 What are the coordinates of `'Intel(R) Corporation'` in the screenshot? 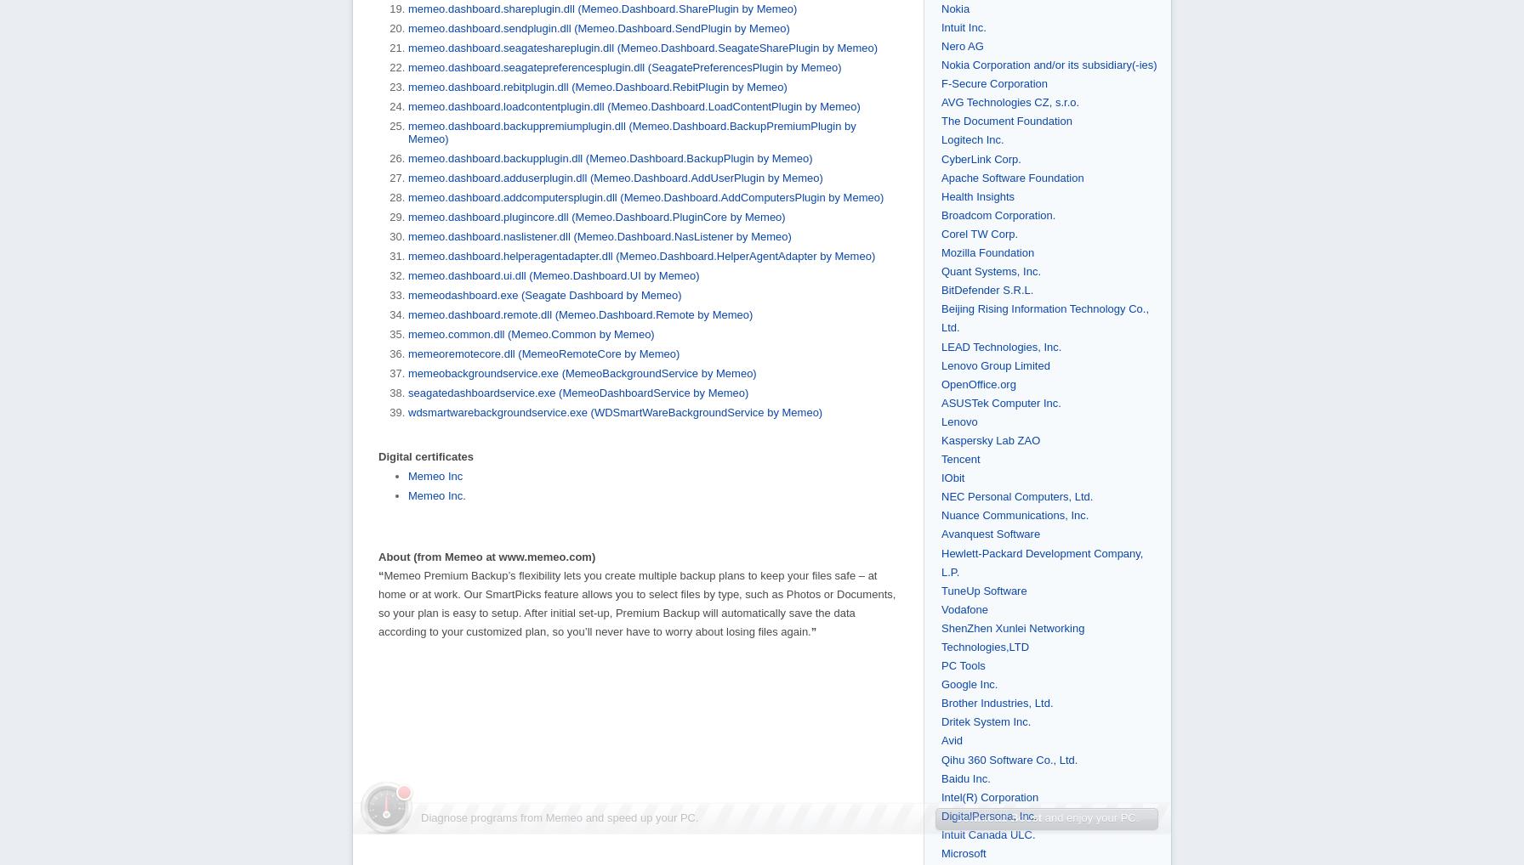 It's located at (990, 795).